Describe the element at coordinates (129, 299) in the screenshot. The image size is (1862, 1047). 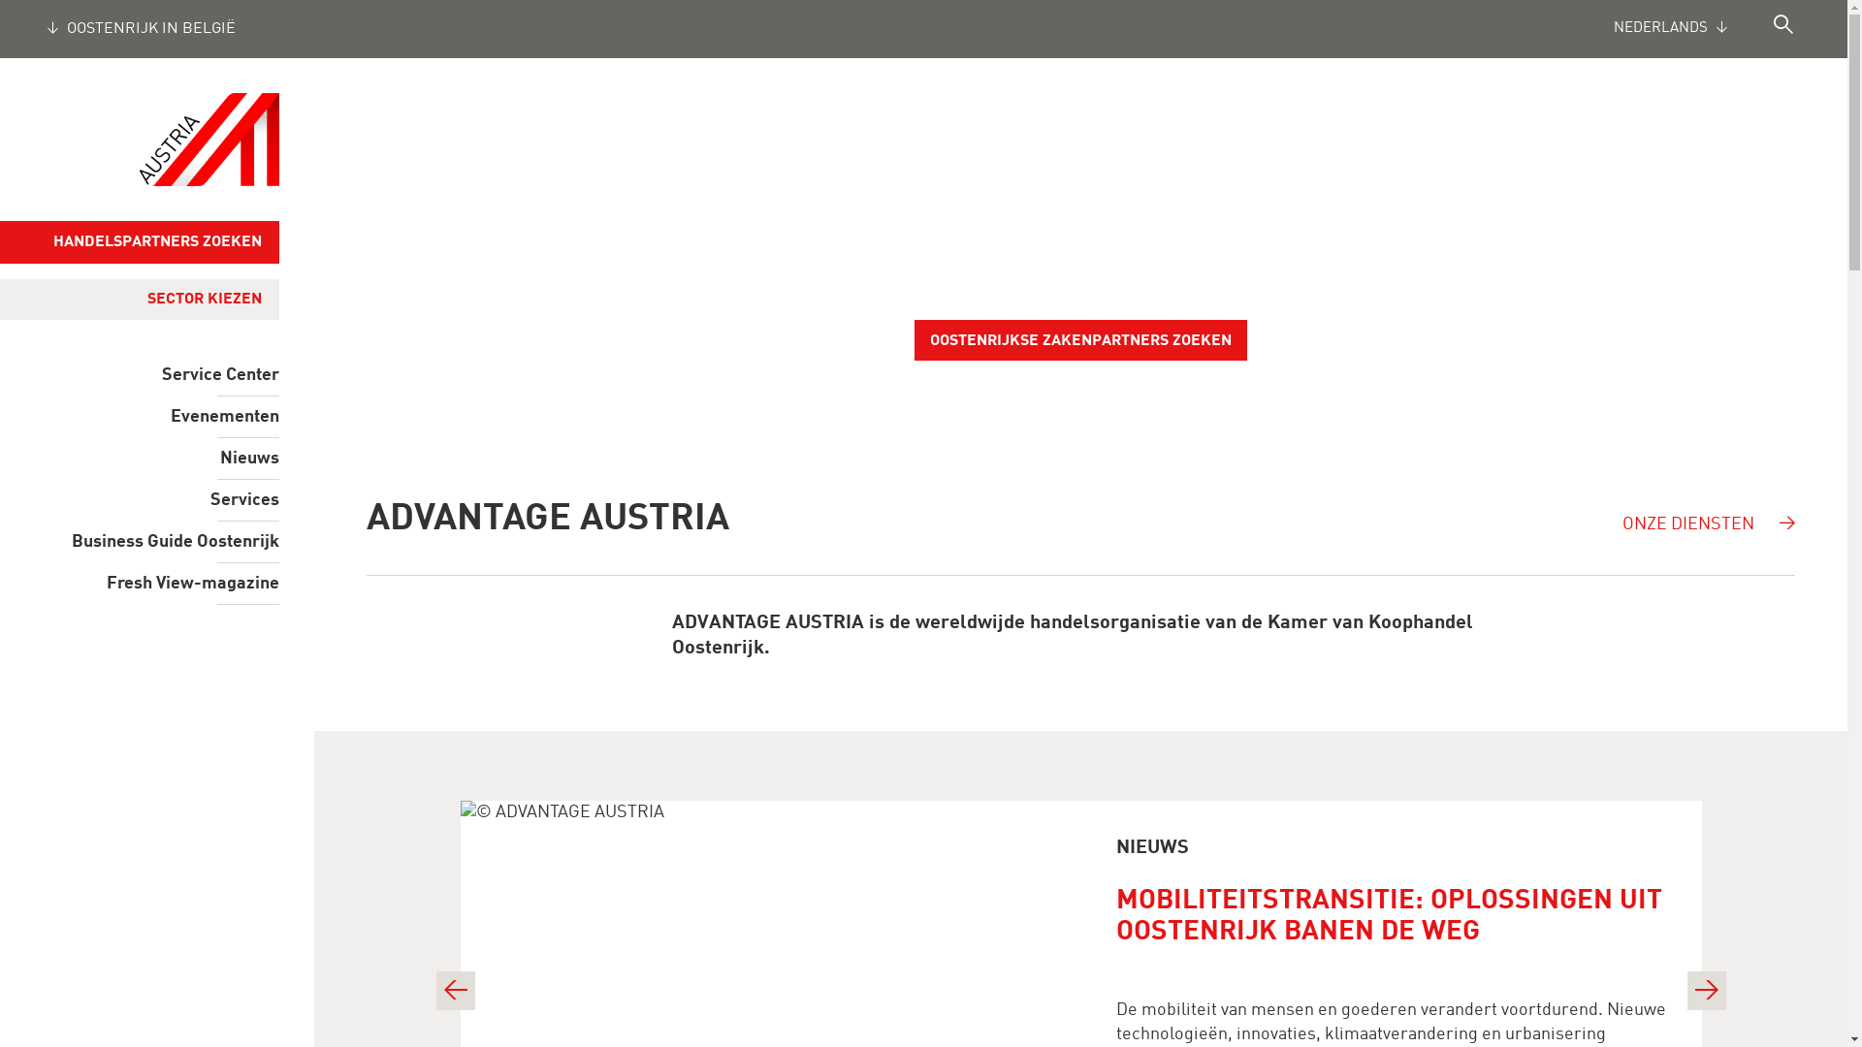
I see `'SECTOR KIEZEN'` at that location.